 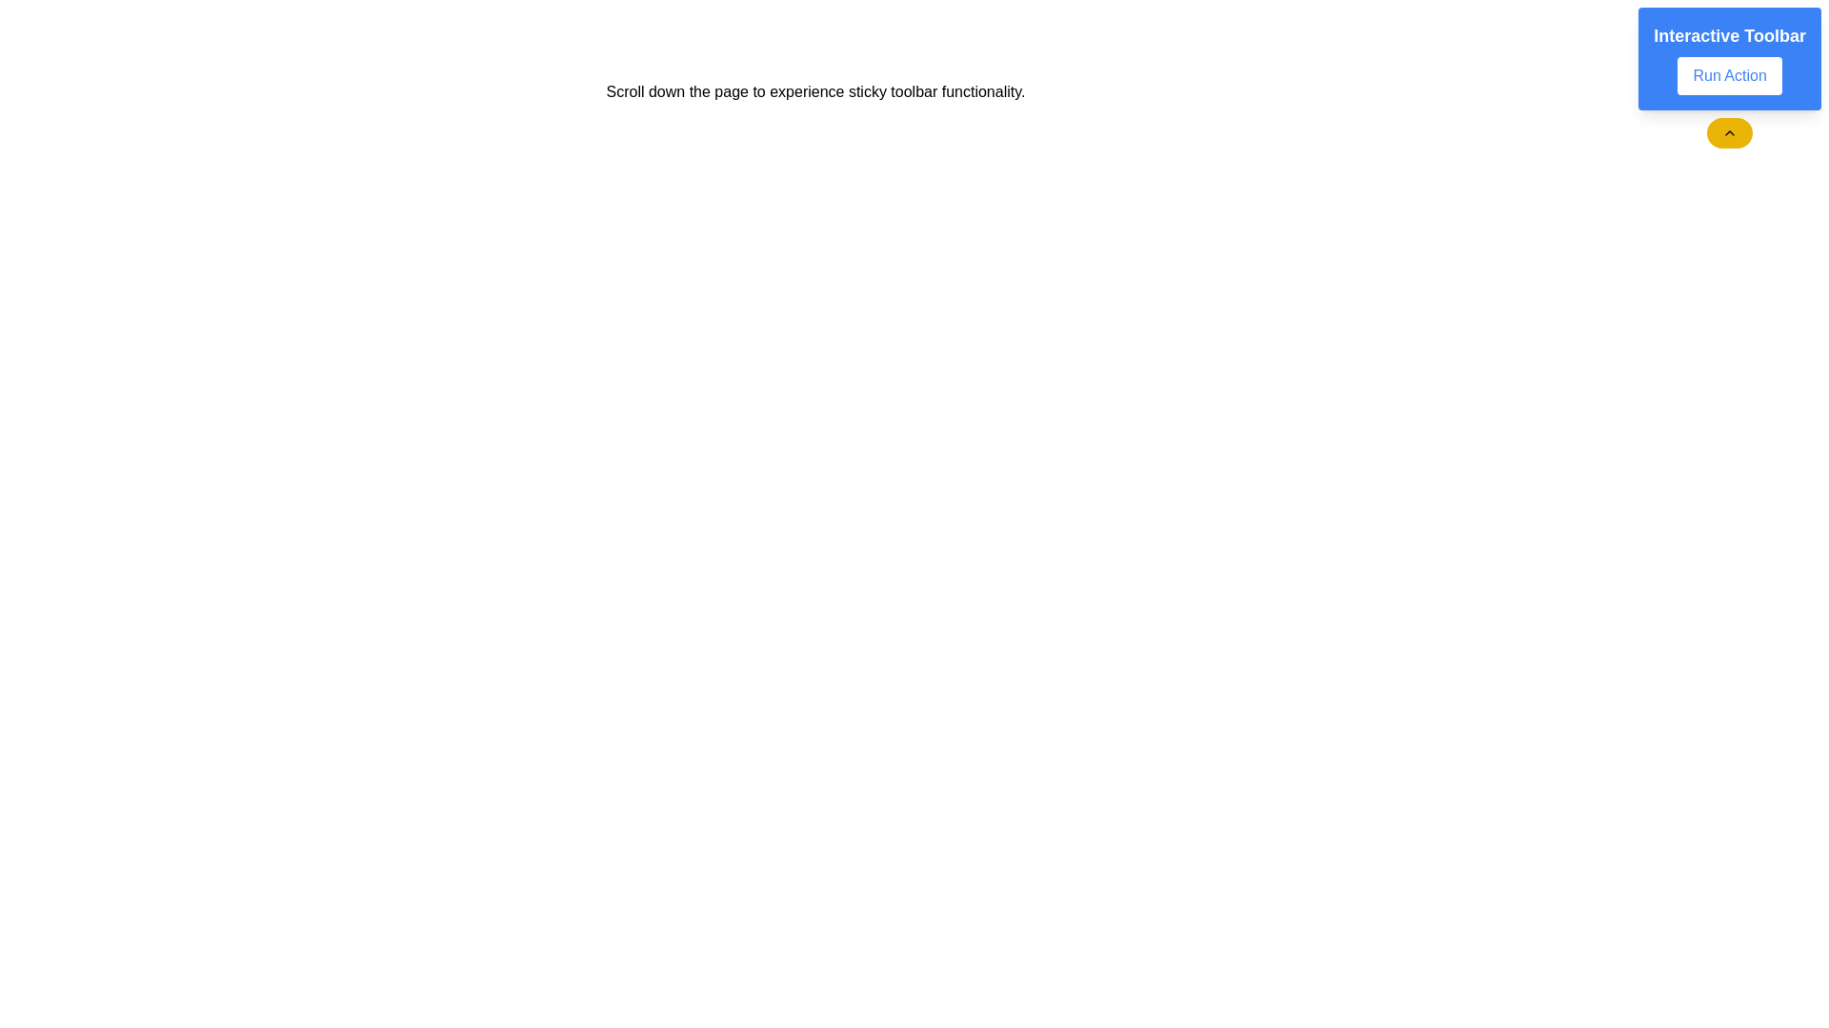 What do you see at coordinates (1730, 131) in the screenshot?
I see `the upward-pointing chevron icon located within a circular button with a yellow background, positioned below the blue rectangular interactive box labeled 'Interactive Toolbar'` at bounding box center [1730, 131].